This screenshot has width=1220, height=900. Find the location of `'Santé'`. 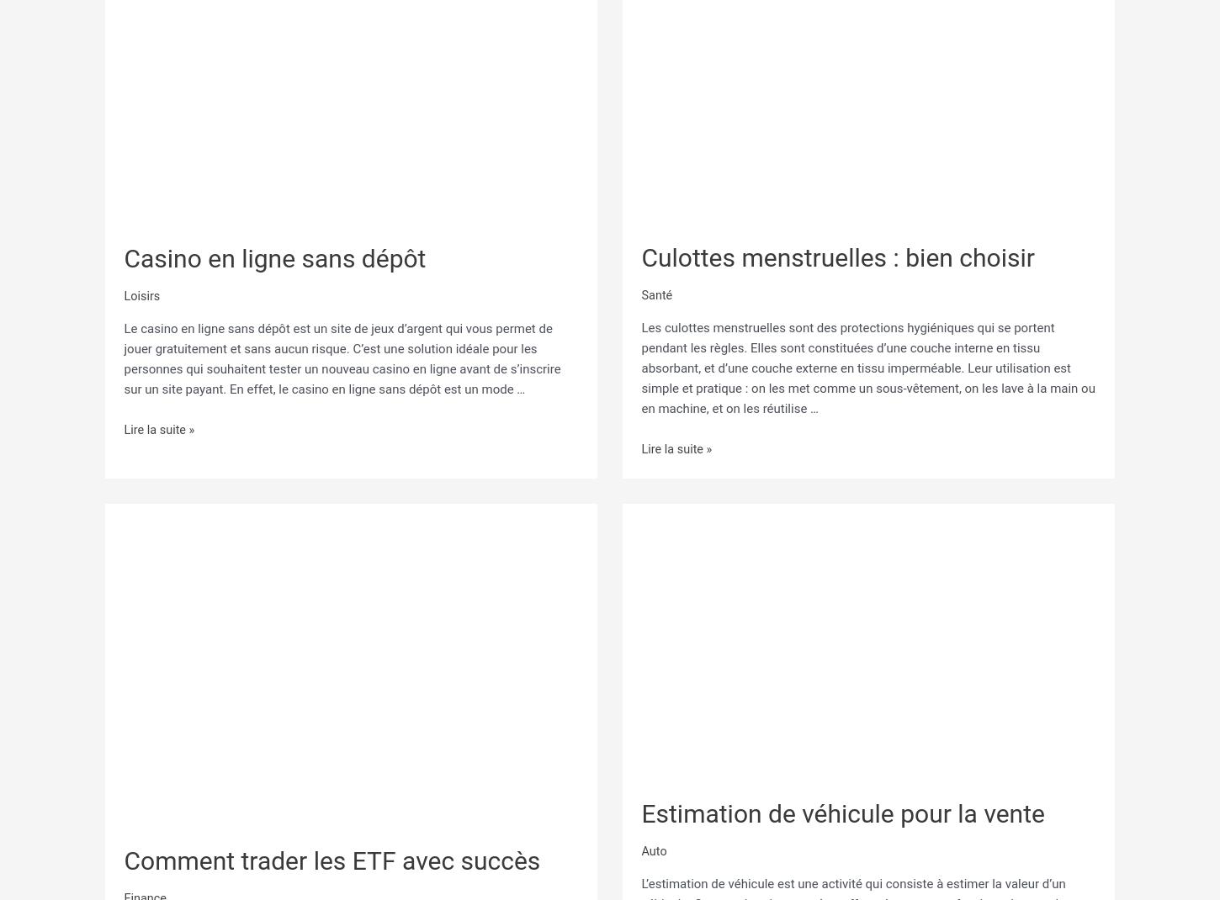

'Santé' is located at coordinates (656, 291).